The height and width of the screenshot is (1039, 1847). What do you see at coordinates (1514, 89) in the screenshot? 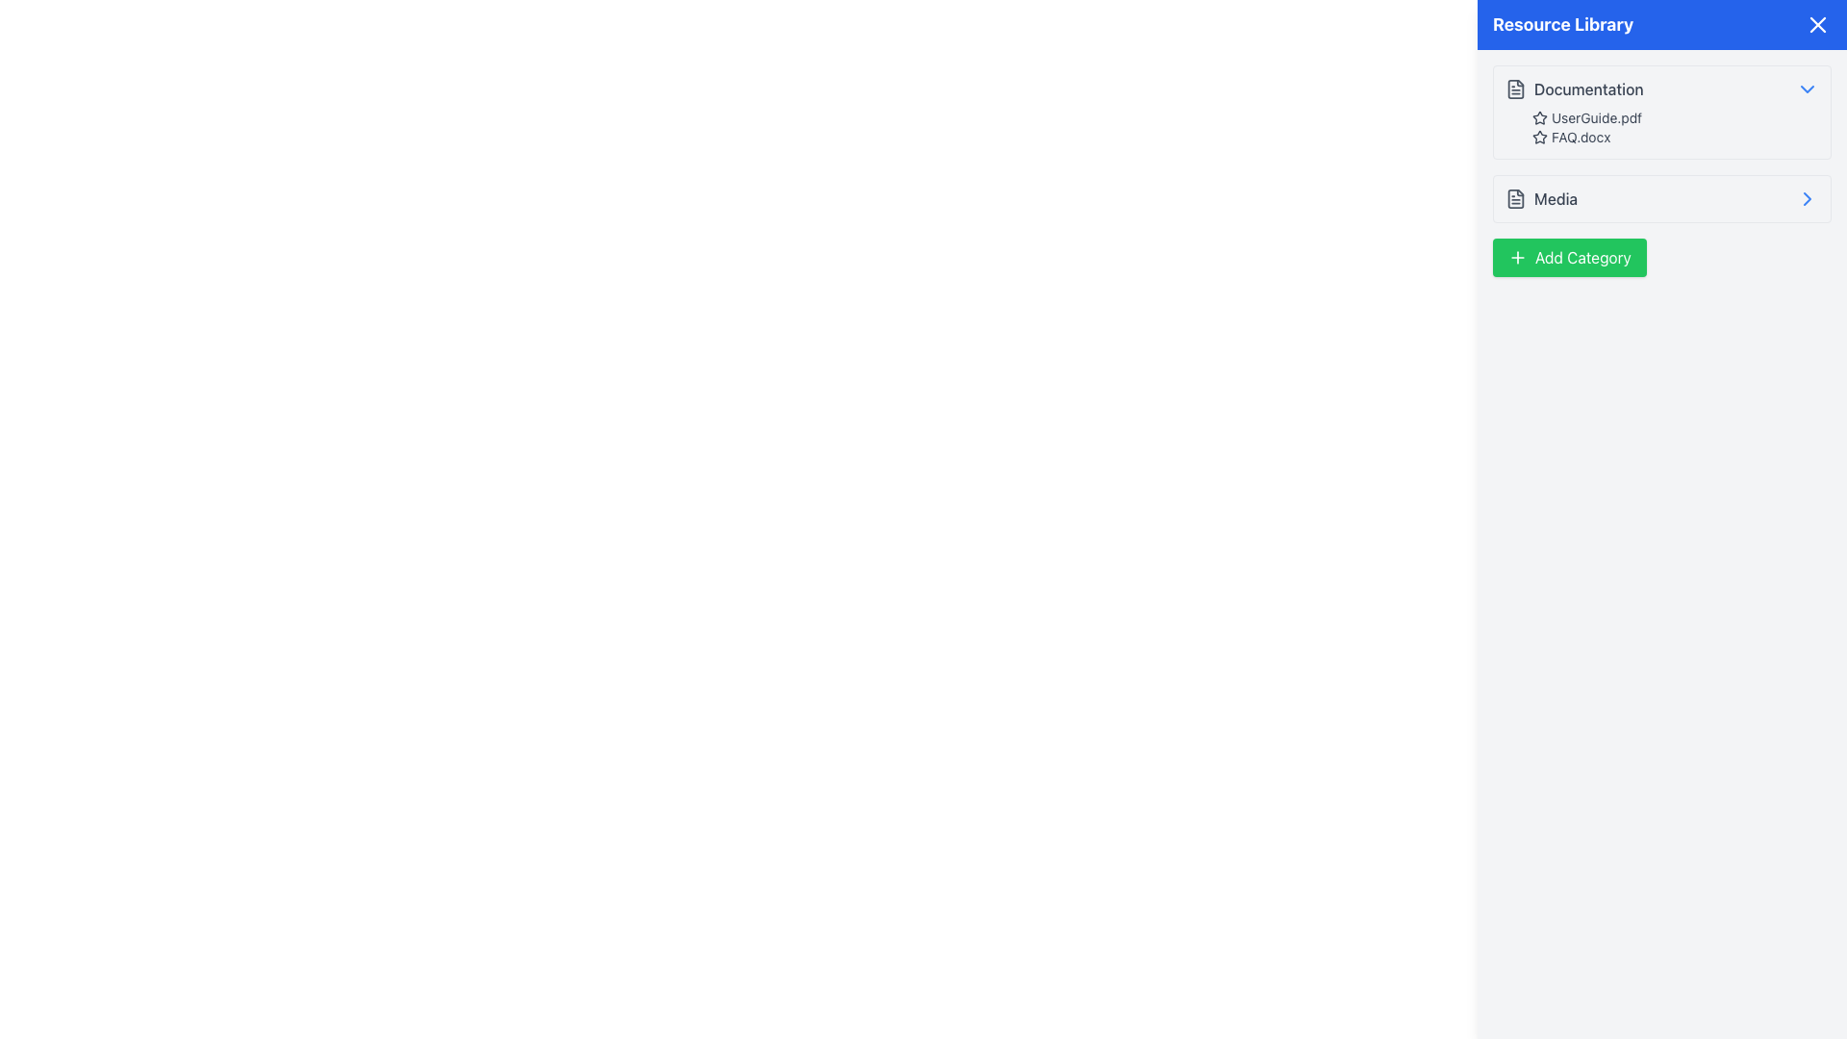
I see `the document icon located at the top of the 'Documentation' section in the Resource Library interface, which features a folded corner and text lines` at bounding box center [1514, 89].